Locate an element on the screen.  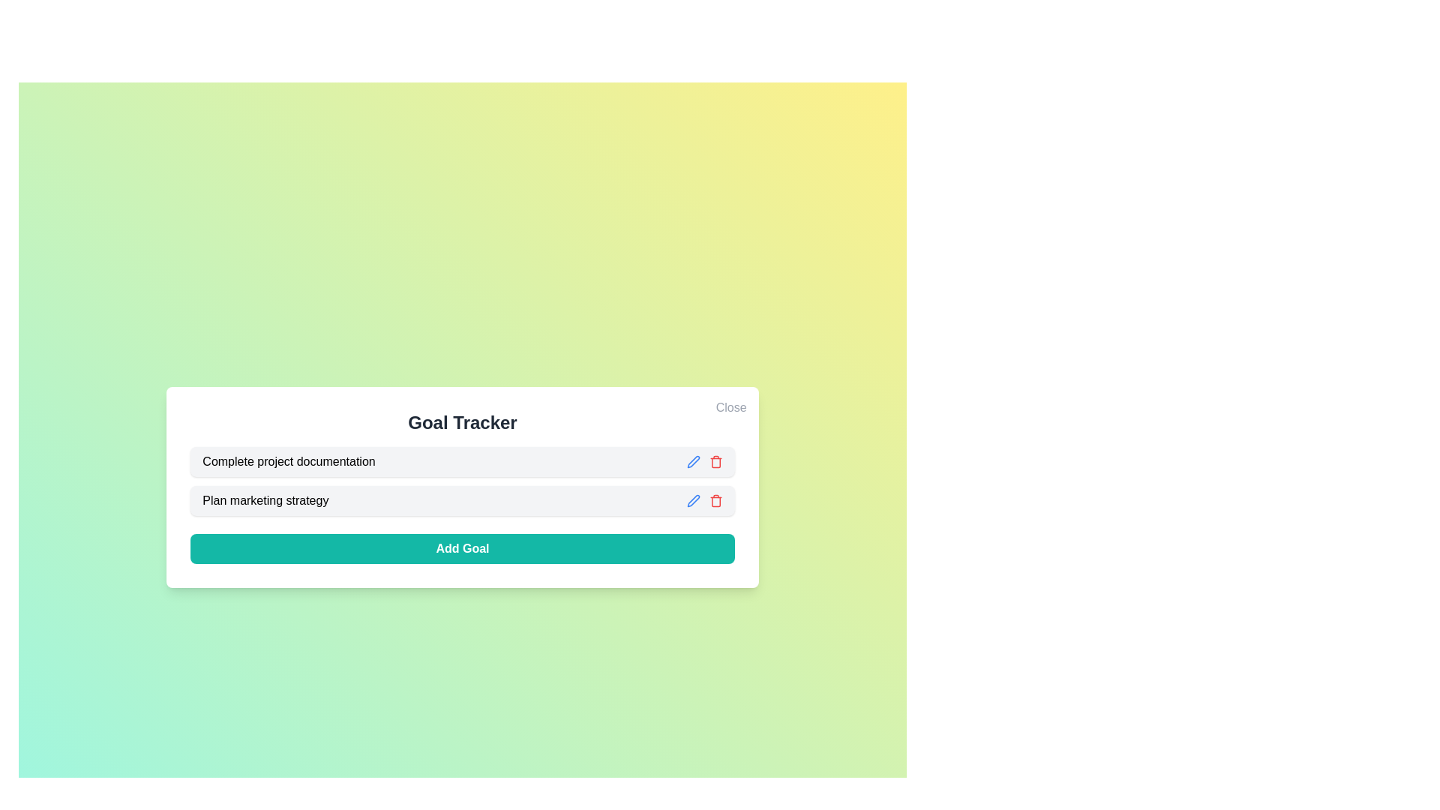
the close button to close the dialog is located at coordinates (730, 407).